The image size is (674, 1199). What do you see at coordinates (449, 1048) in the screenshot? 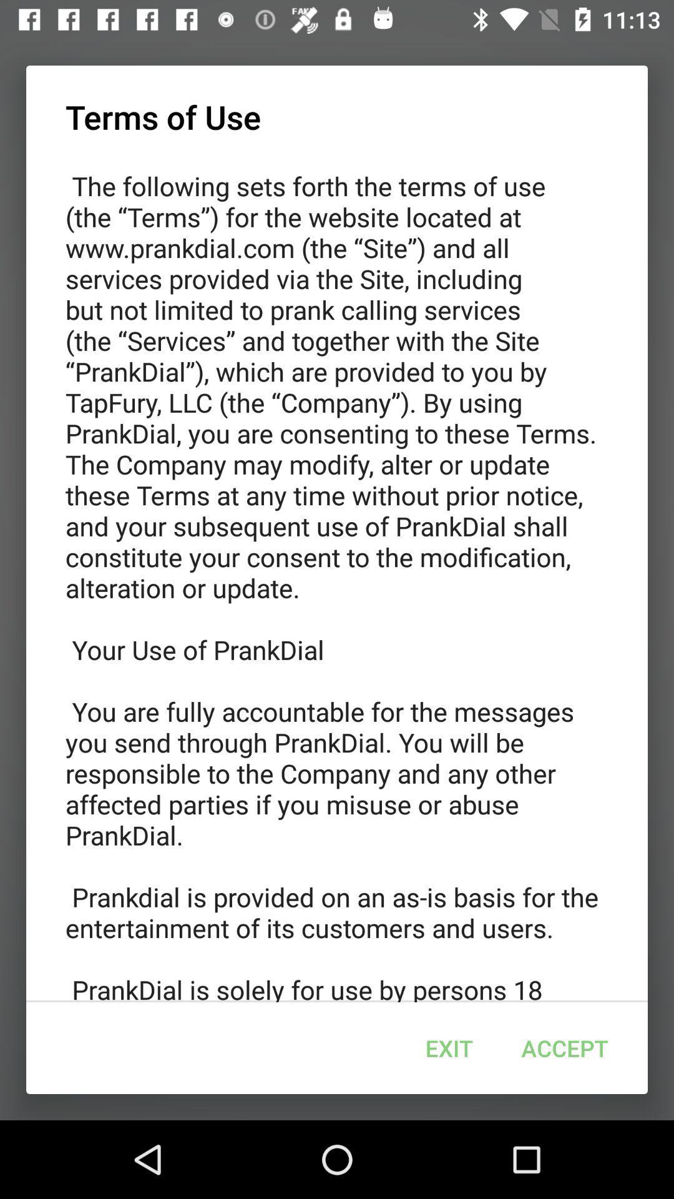
I see `icon below the the following sets` at bounding box center [449, 1048].